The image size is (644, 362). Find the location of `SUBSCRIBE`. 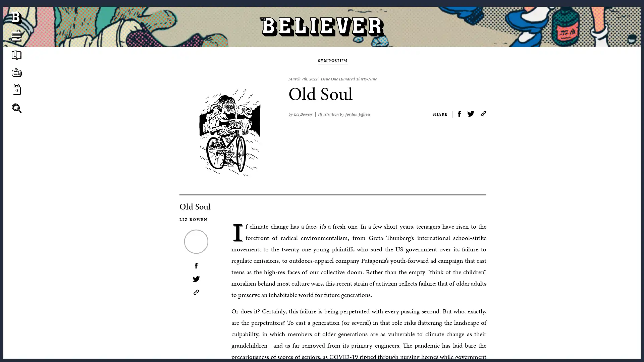

SUBSCRIBE is located at coordinates (321, 170).